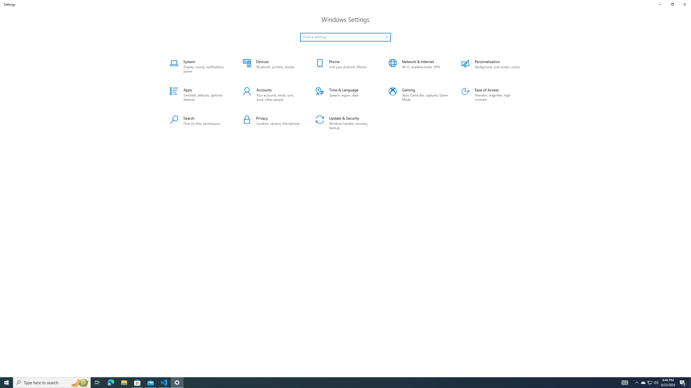 This screenshot has height=388, width=691. Describe the element at coordinates (272, 66) in the screenshot. I see `'Devices'` at that location.